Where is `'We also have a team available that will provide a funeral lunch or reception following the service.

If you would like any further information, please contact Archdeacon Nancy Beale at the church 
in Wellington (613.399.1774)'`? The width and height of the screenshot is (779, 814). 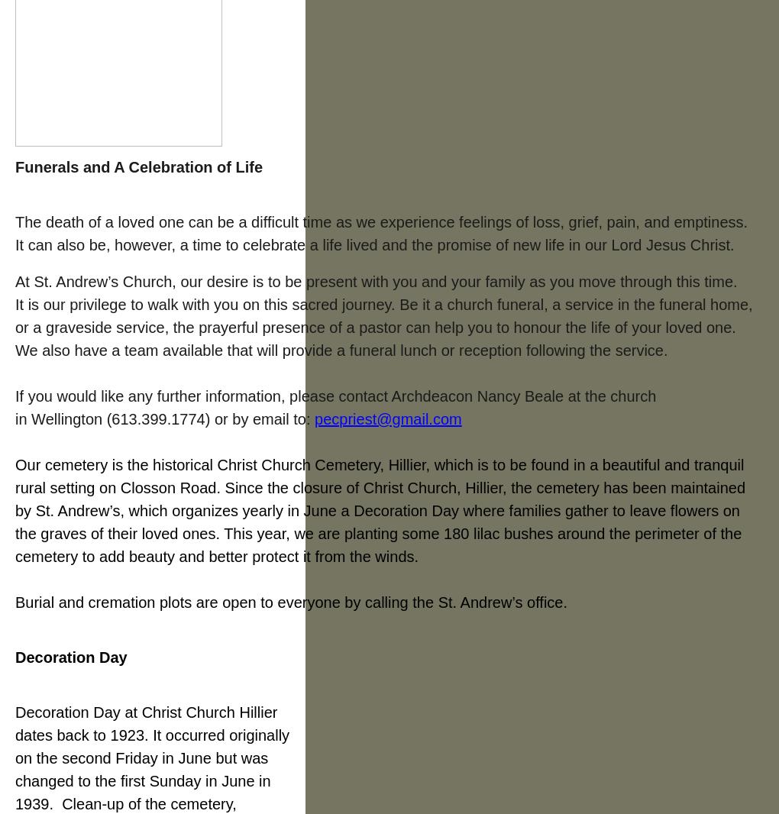 'We also have a team available that will provide a funeral lunch or reception following the service.

If you would like any further information, please contact Archdeacon Nancy Beale at the church 
in Wellington (613.399.1774)' is located at coordinates (340, 385).